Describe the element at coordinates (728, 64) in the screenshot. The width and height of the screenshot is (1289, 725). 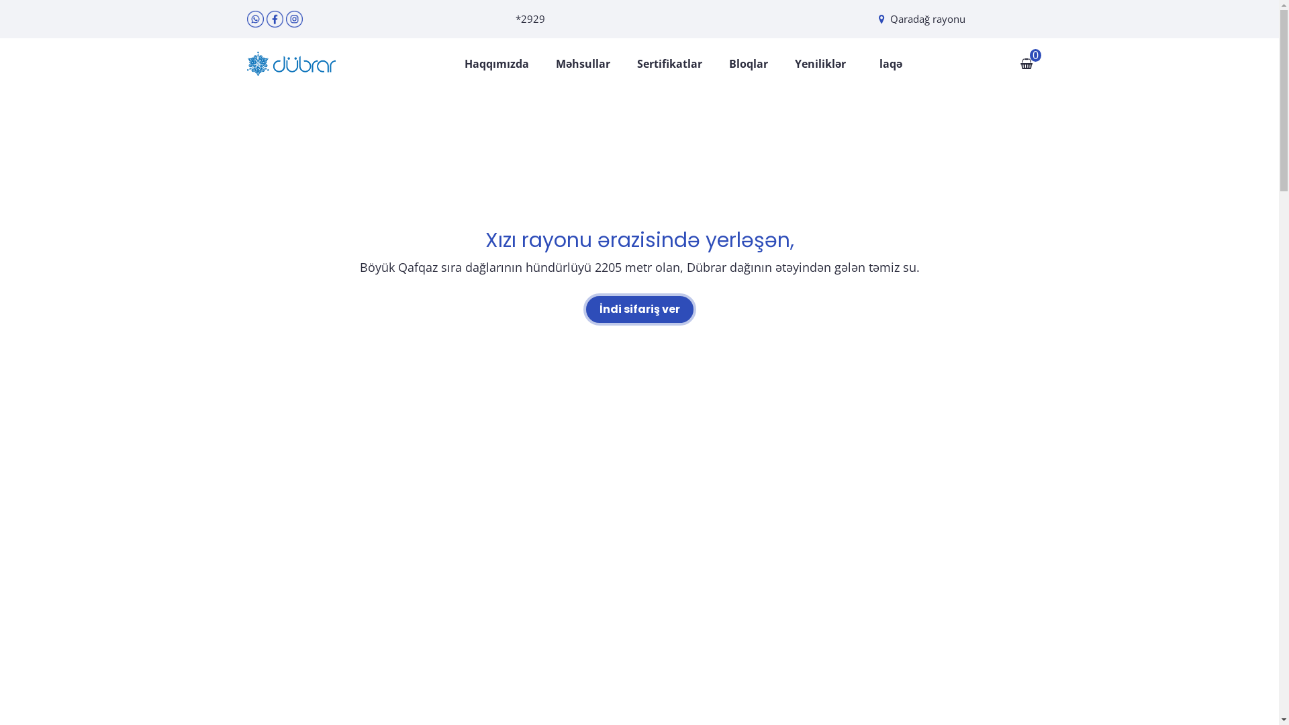
I see `'Bloqlar'` at that location.